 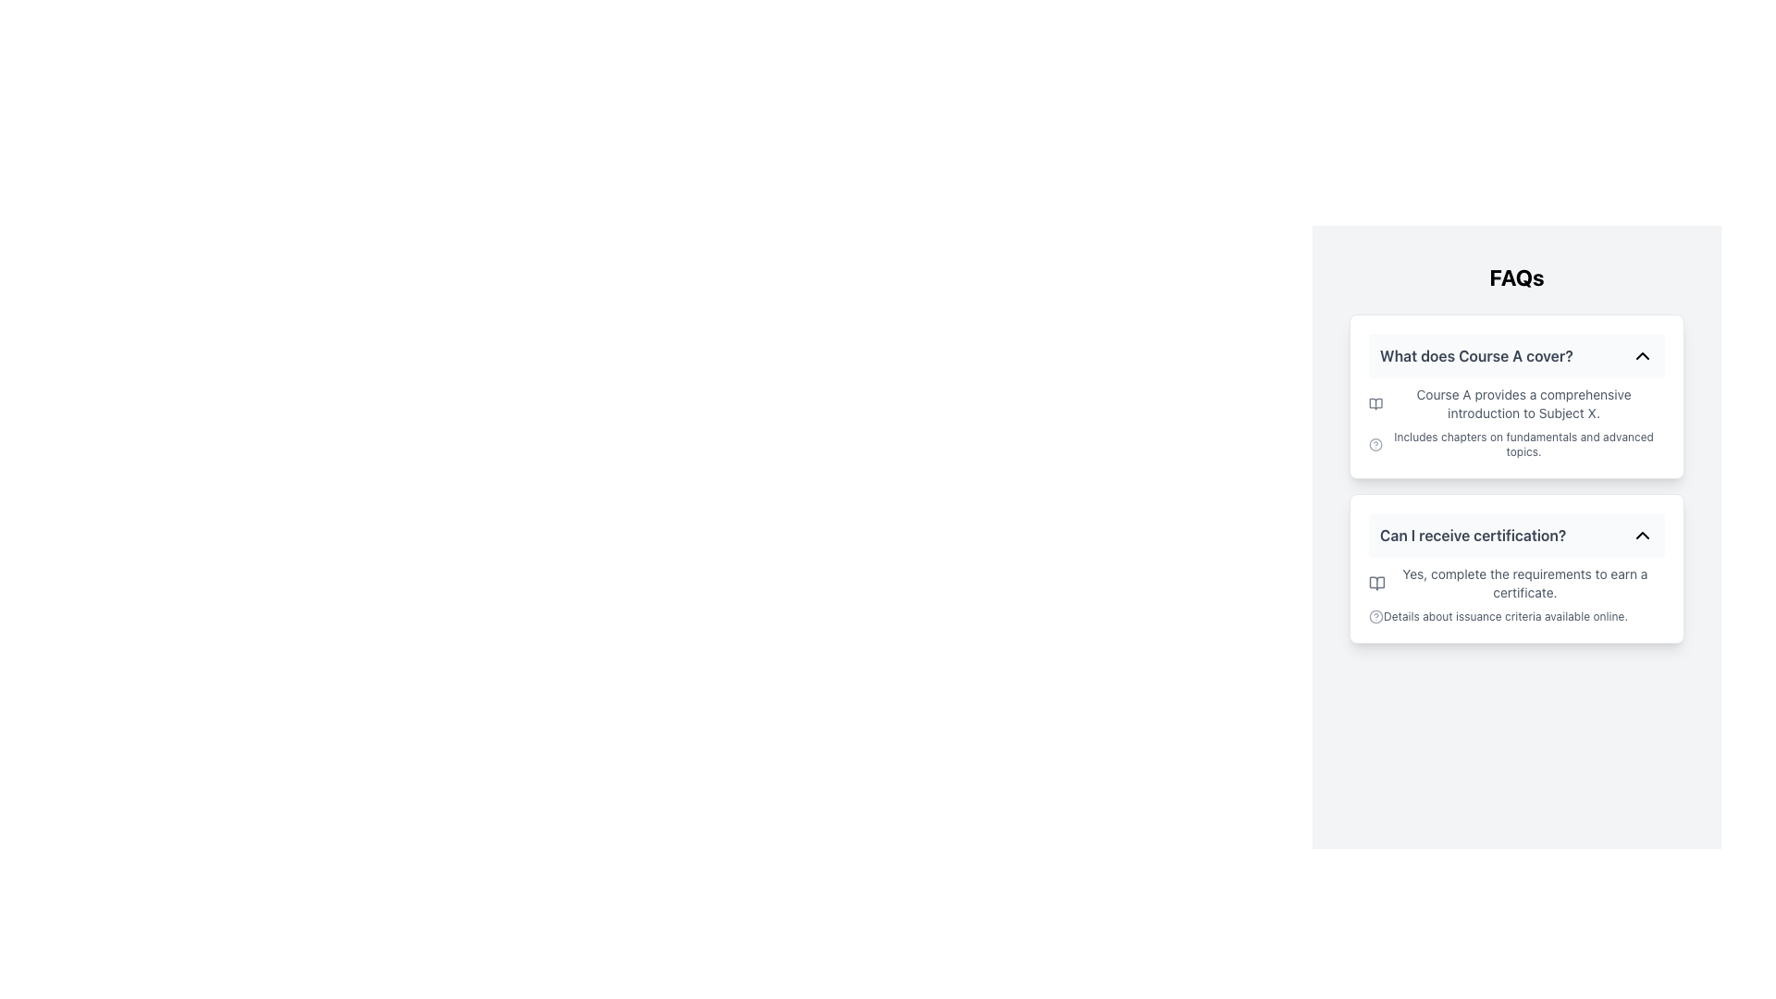 What do you see at coordinates (1375, 445) in the screenshot?
I see `the help icon located next to the text 'Includes chapters on fundamentals and advanced topics.' in the first FAQ item under the heading 'What does Course A cover?'` at bounding box center [1375, 445].